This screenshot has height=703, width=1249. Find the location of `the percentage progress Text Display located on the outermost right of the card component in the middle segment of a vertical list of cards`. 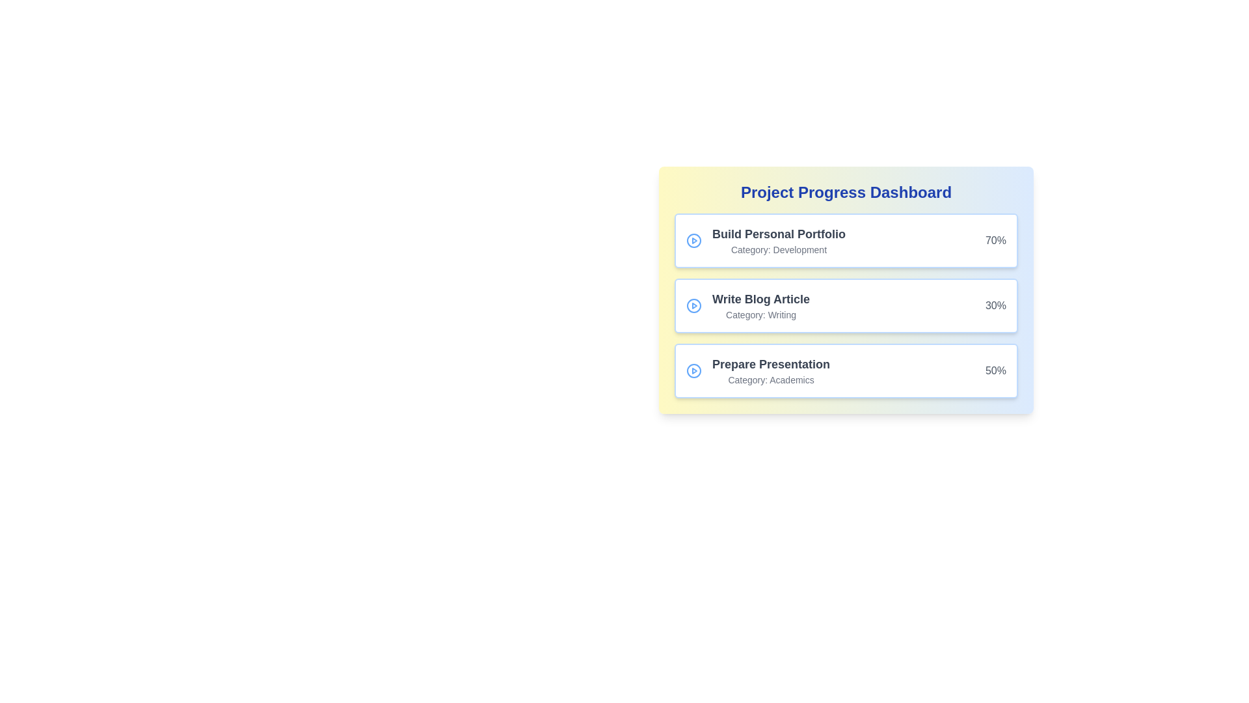

the percentage progress Text Display located on the outermost right of the card component in the middle segment of a vertical list of cards is located at coordinates (995, 306).